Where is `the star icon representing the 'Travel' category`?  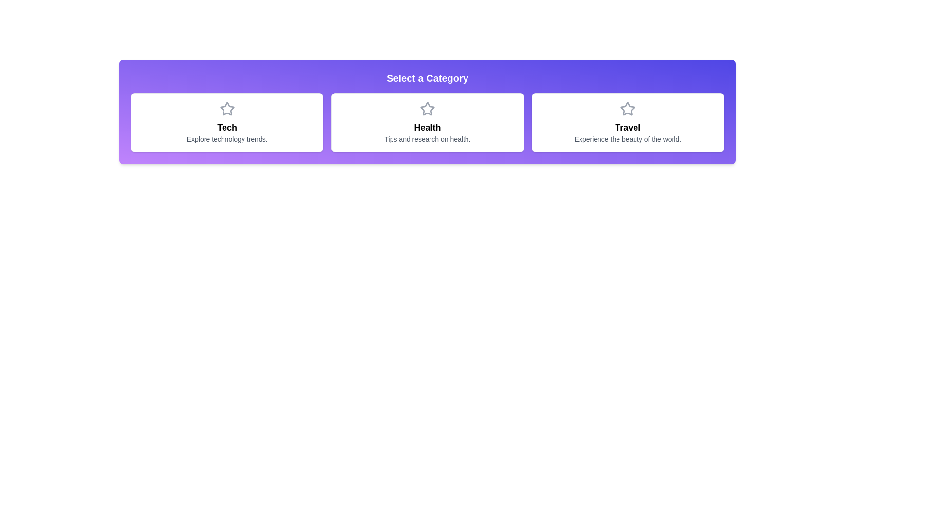 the star icon representing the 'Travel' category is located at coordinates (628, 109).